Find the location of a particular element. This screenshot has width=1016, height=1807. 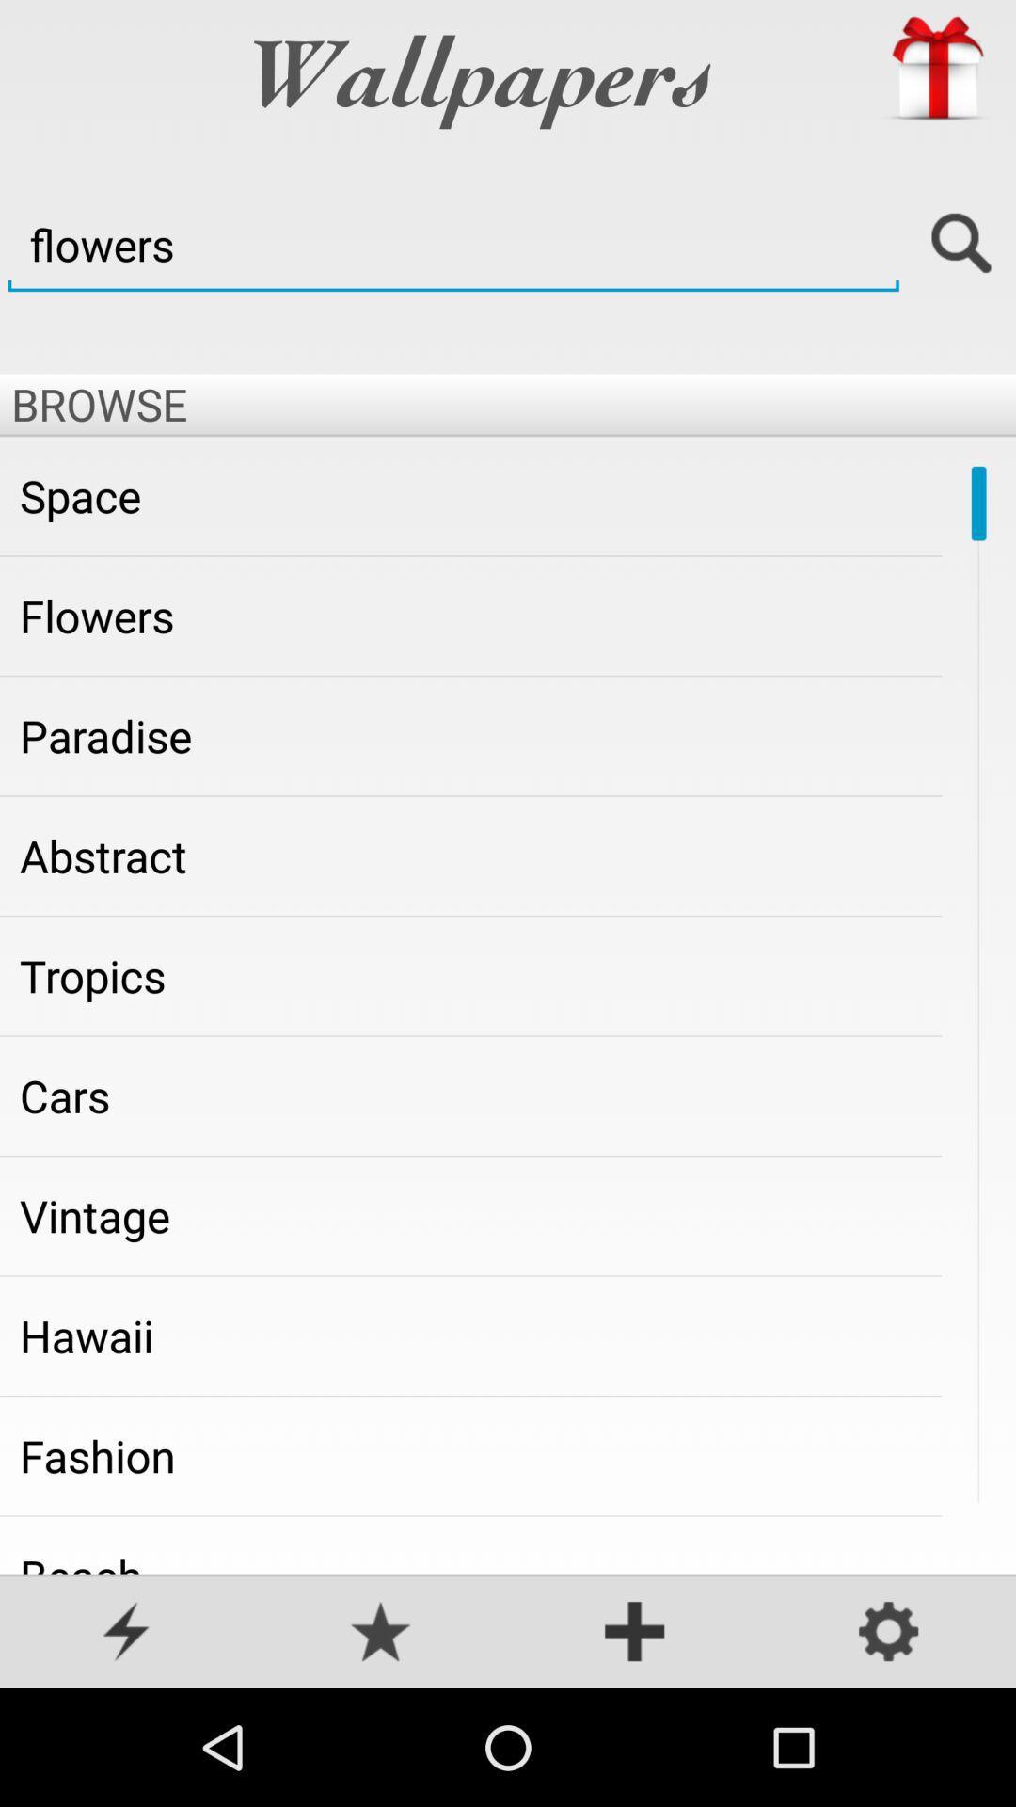

button is located at coordinates (635, 1633).